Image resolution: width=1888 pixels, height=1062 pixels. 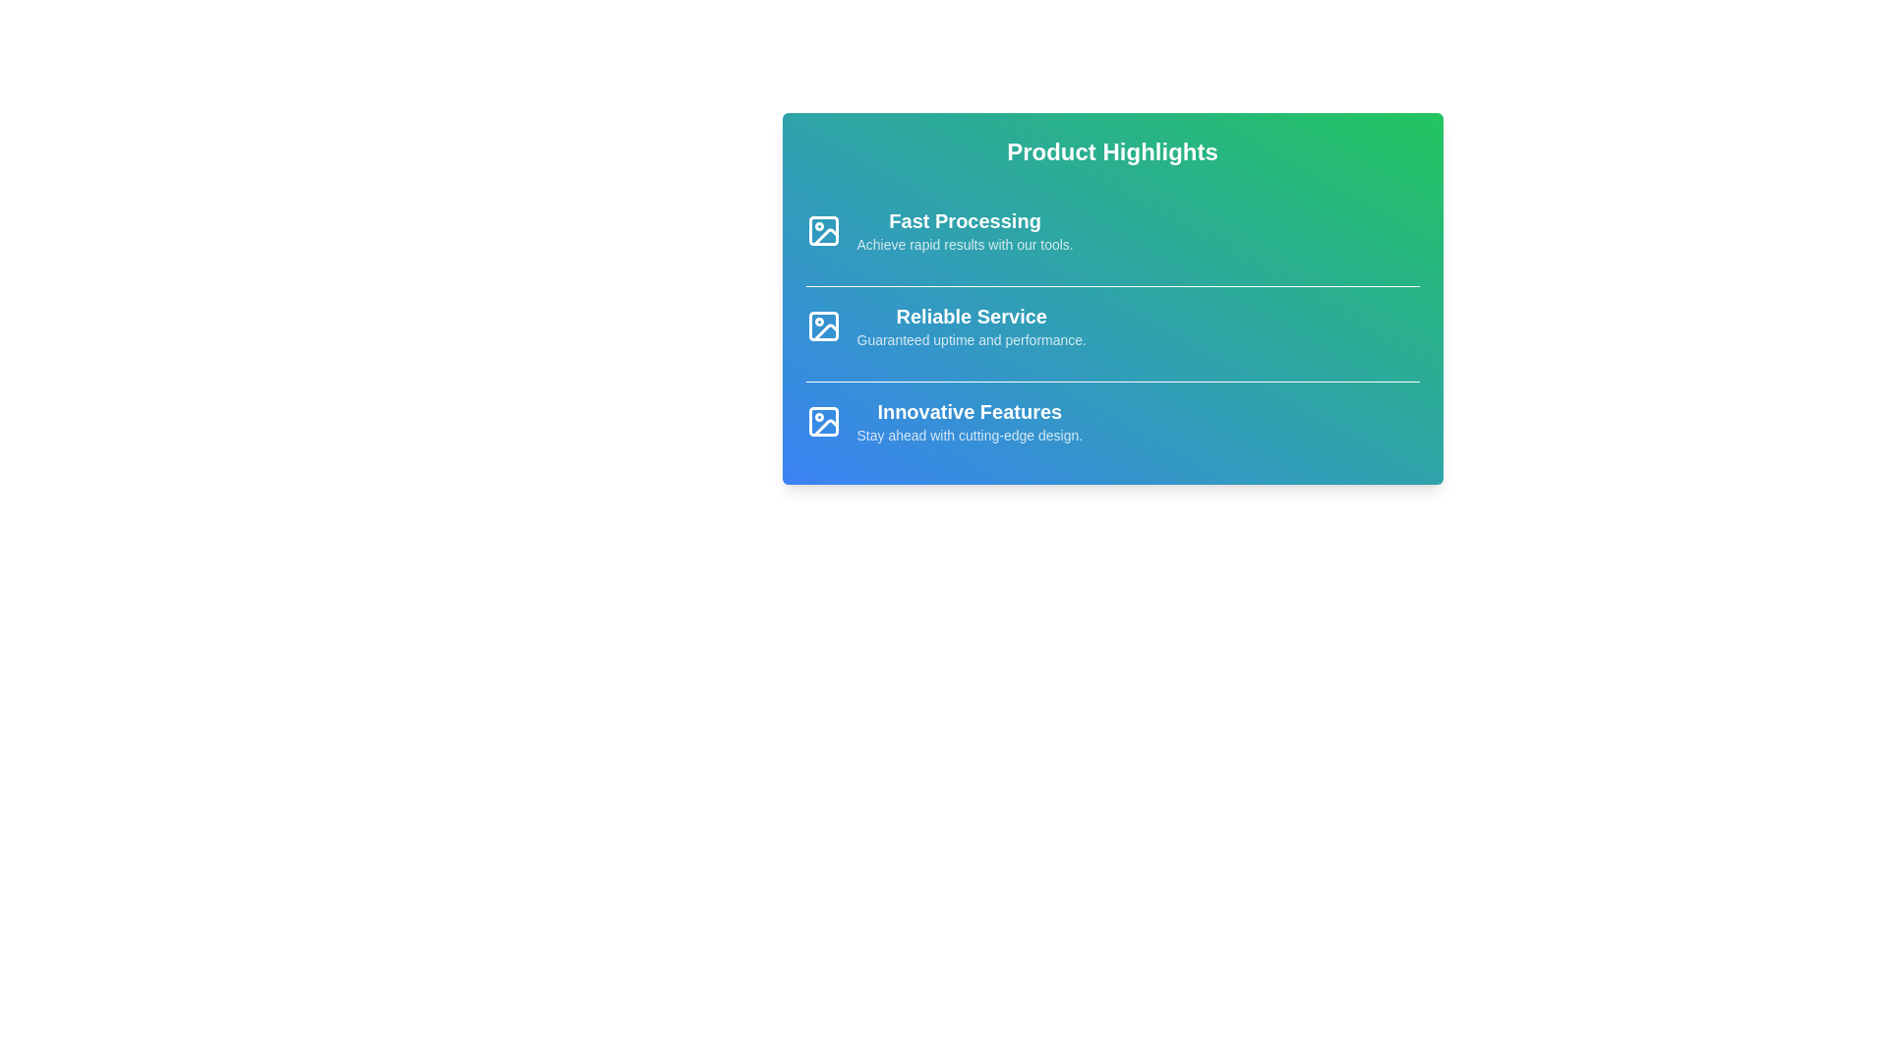 What do you see at coordinates (823, 324) in the screenshot?
I see `the square-shaped icon depicting a mountain and sun, which has a white outline on a blue background, located to the left of the 'Reliable Service' text block` at bounding box center [823, 324].